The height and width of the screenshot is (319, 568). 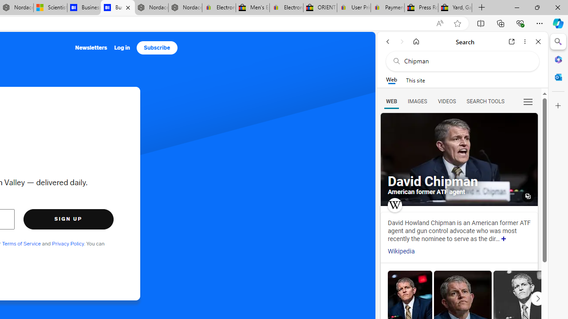 What do you see at coordinates (67, 243) in the screenshot?
I see `'Privacy Policy'` at bounding box center [67, 243].